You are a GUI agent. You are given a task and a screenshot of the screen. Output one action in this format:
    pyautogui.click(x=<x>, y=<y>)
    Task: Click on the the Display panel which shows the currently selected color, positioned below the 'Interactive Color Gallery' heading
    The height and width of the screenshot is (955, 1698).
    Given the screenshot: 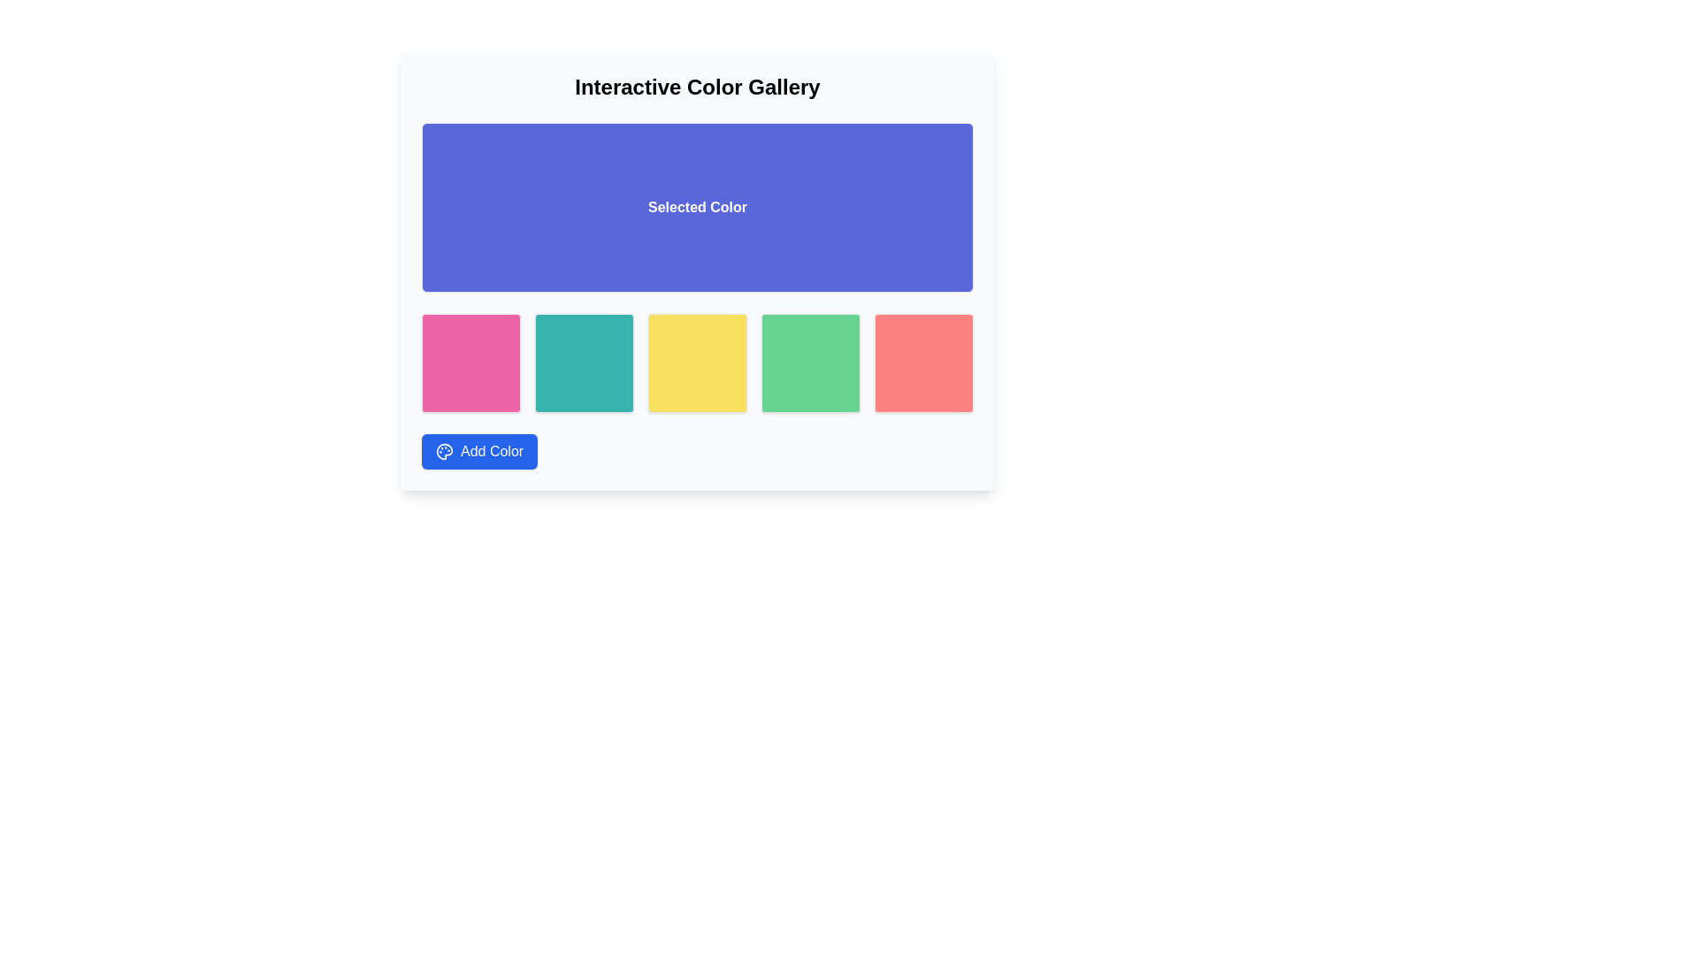 What is the action you would take?
    pyautogui.click(x=696, y=207)
    